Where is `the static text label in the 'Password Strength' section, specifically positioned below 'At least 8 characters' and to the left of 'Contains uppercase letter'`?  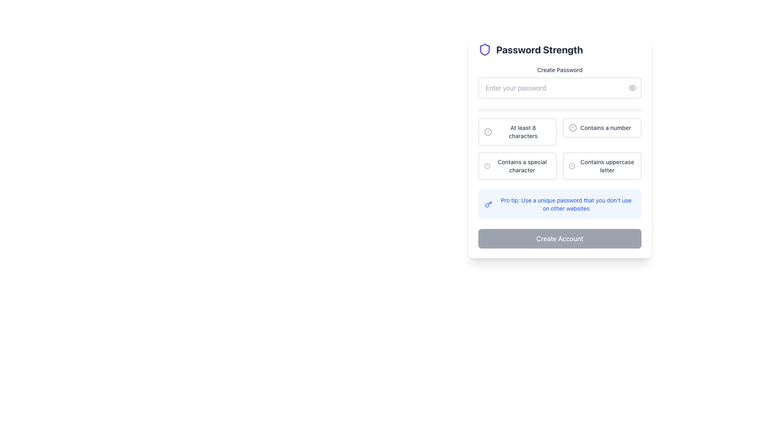 the static text label in the 'Password Strength' section, specifically positioned below 'At least 8 characters' and to the left of 'Contains uppercase letter' is located at coordinates (522, 166).